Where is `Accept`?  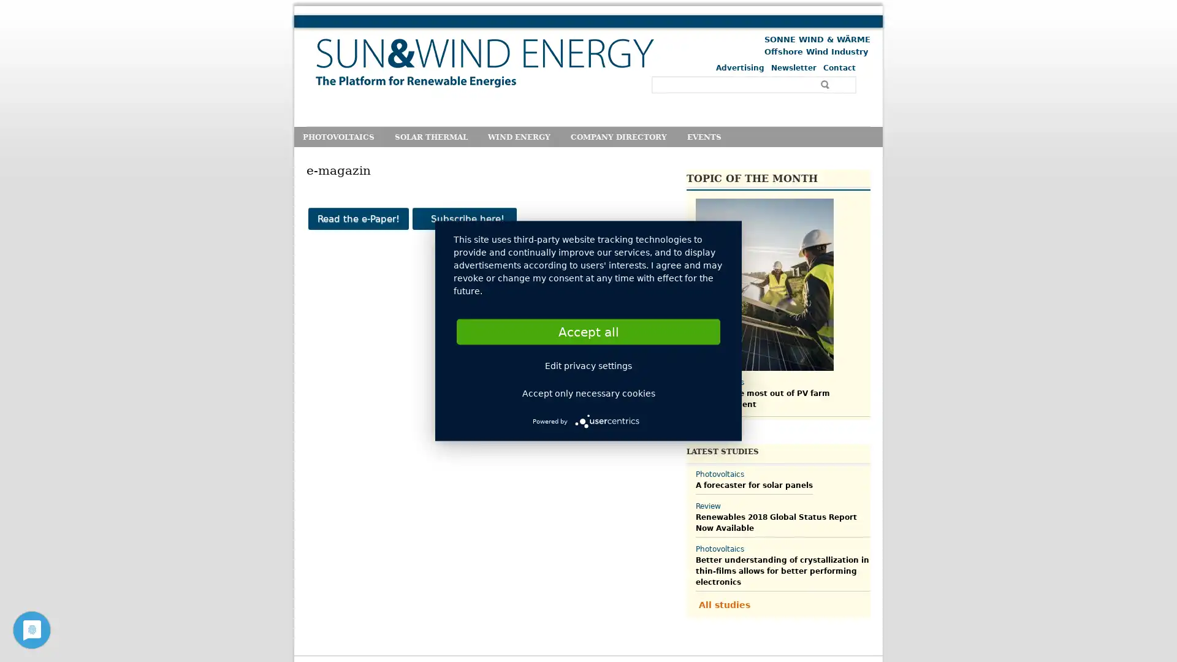 Accept is located at coordinates (588, 331).